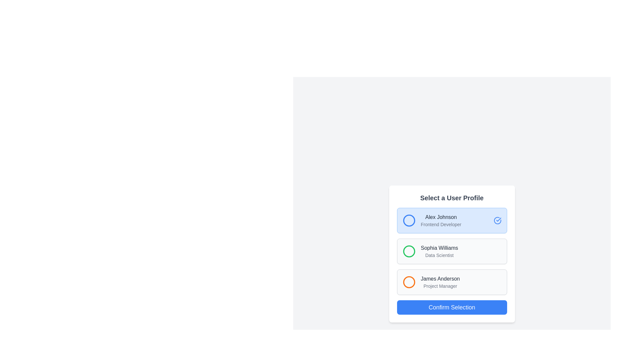  I want to click on the profile display and selection label that shows the user's name and role, which is the third item in a vertical list of profiles, located below 'Alex Johnson' and 'Sophia Williams', so click(440, 282).